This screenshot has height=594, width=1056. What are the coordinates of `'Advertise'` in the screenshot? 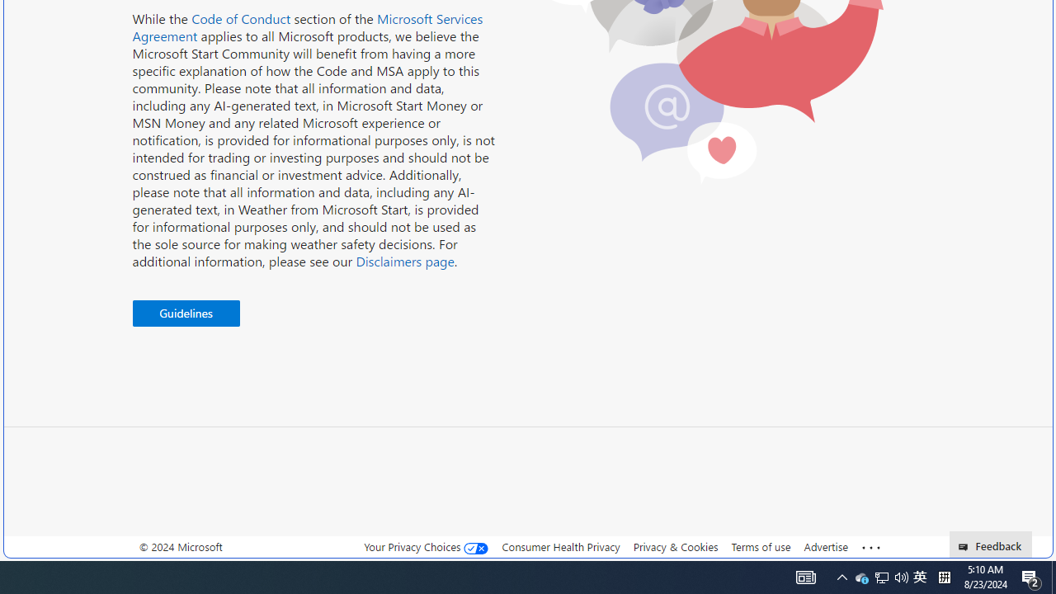 It's located at (825, 546).